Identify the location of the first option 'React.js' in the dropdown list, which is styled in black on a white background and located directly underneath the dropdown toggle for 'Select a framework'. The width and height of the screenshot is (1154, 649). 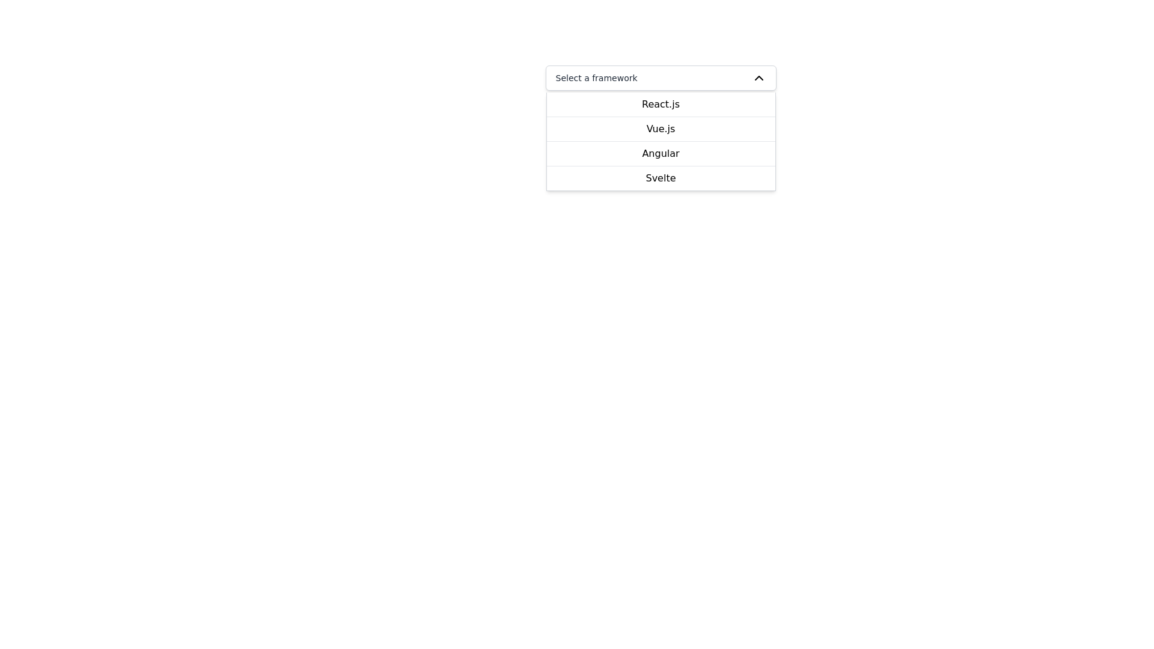
(660, 92).